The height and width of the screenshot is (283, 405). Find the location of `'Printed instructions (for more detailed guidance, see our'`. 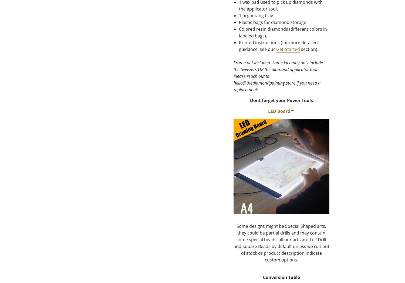

'Printed instructions (for more detailed guidance, see our' is located at coordinates (278, 46).